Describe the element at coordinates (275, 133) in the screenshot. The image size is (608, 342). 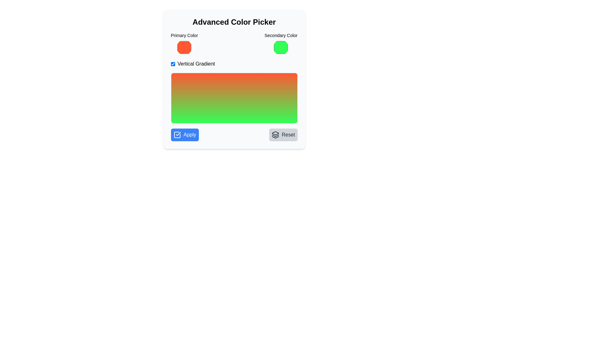
I see `the topmost icon component representing a conceptual grouping, located in the bottom-right section of the interface` at that location.